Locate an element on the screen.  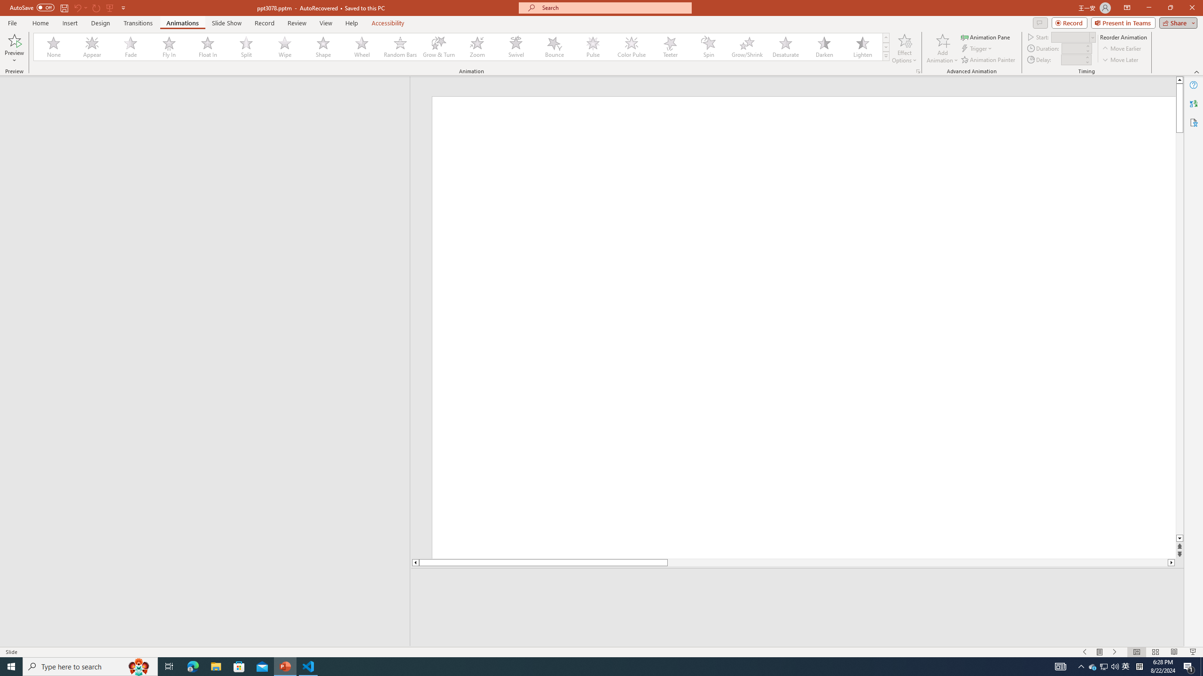
'Animation Styles' is located at coordinates (885, 55).